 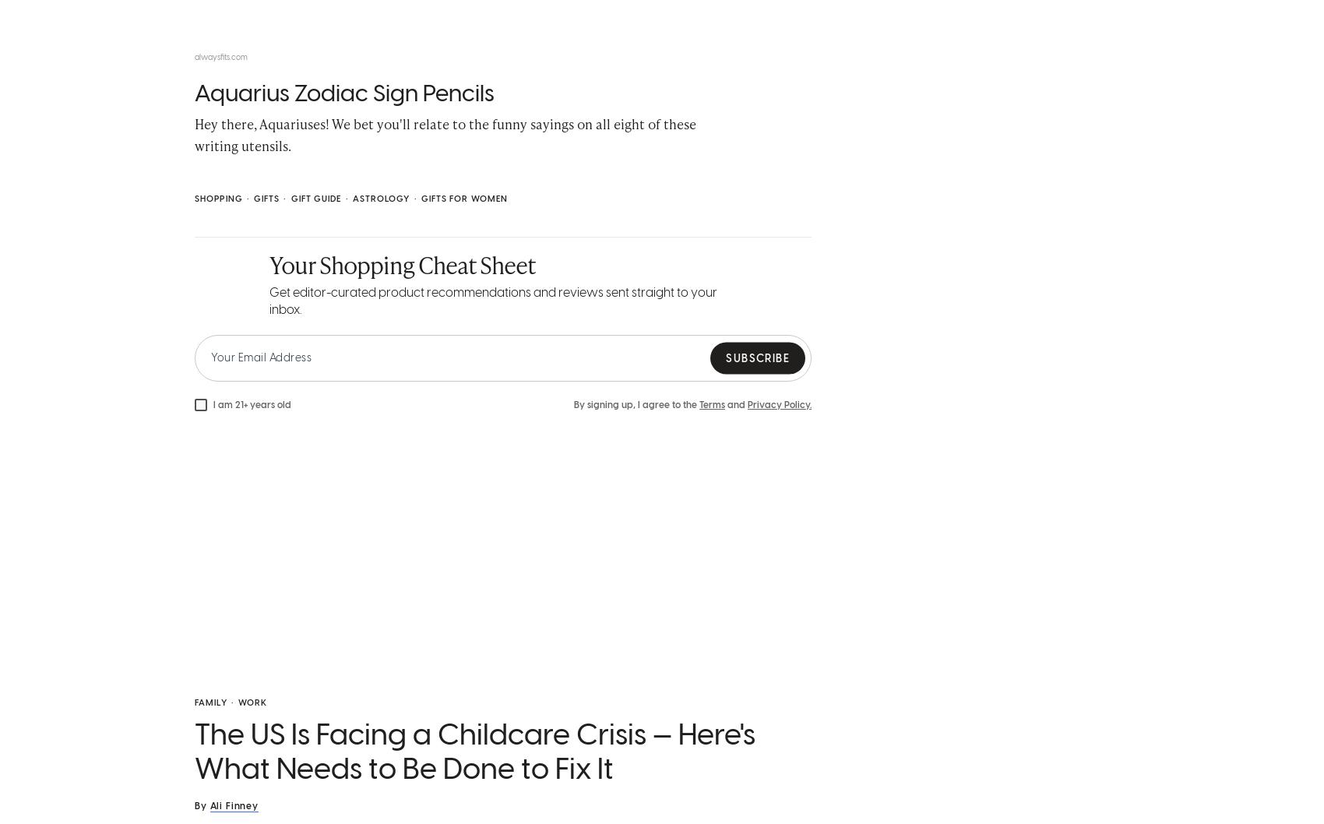 What do you see at coordinates (474, 755) in the screenshot?
I see `'The US Is Facing a Childcare Crisis — Here's What Needs to Be Done to Fix It'` at bounding box center [474, 755].